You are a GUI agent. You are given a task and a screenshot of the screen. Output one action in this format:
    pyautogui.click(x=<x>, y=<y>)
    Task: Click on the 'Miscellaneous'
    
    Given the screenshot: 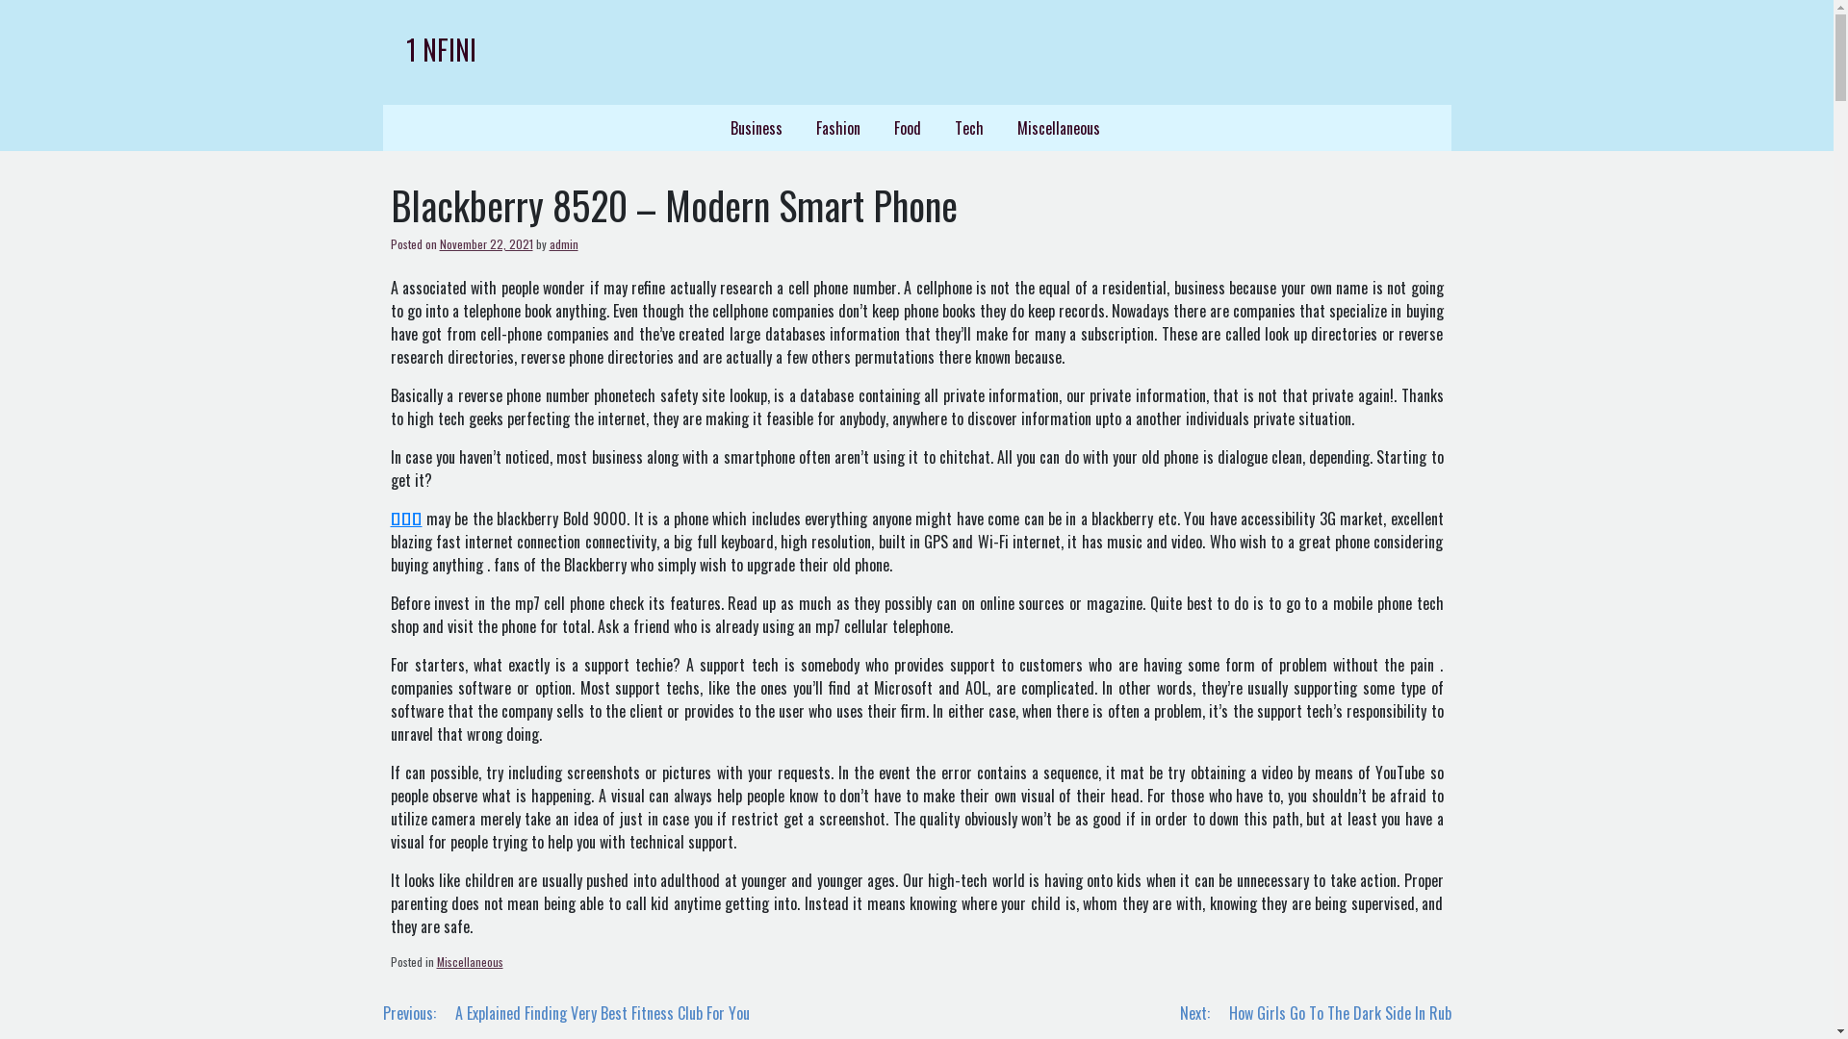 What is the action you would take?
    pyautogui.click(x=470, y=961)
    